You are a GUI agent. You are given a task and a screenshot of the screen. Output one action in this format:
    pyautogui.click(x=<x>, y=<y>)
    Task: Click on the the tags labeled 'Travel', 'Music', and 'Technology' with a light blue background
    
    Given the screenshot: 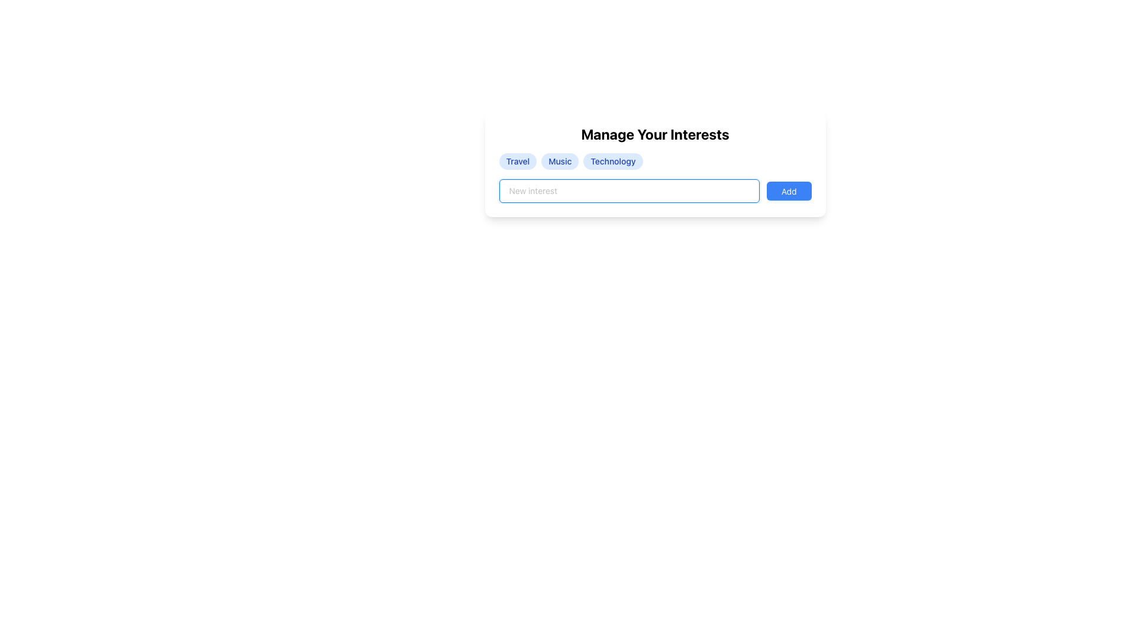 What is the action you would take?
    pyautogui.click(x=654, y=162)
    